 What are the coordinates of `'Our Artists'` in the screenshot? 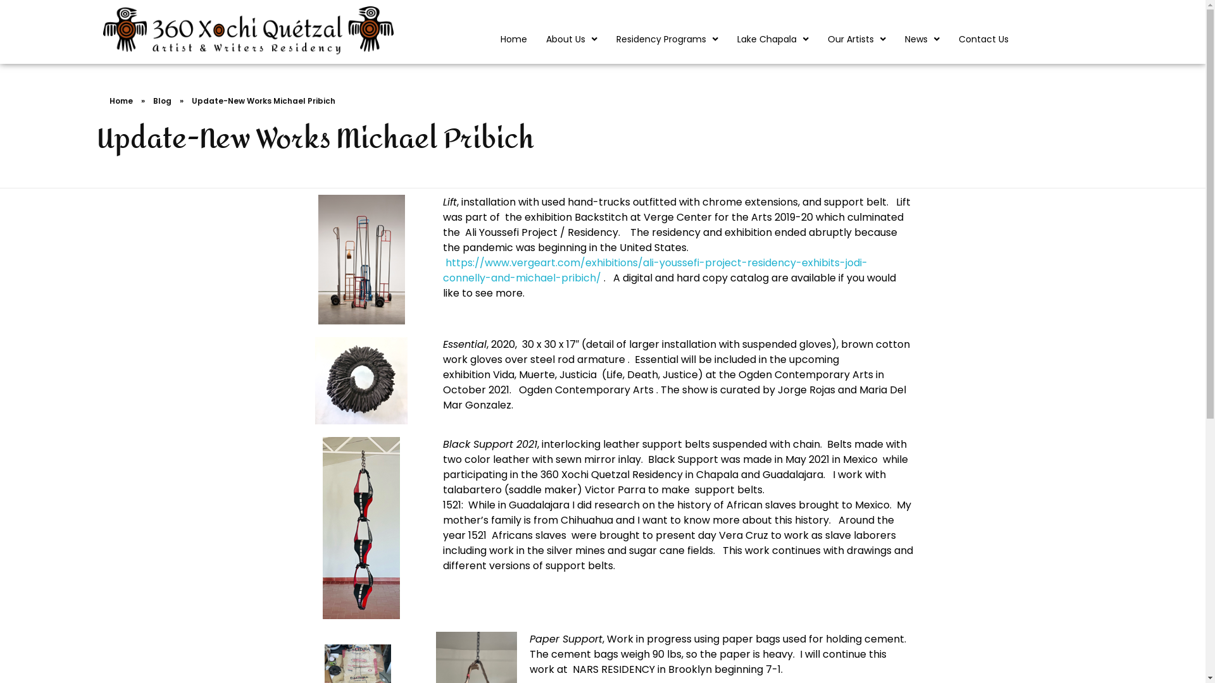 It's located at (856, 38).